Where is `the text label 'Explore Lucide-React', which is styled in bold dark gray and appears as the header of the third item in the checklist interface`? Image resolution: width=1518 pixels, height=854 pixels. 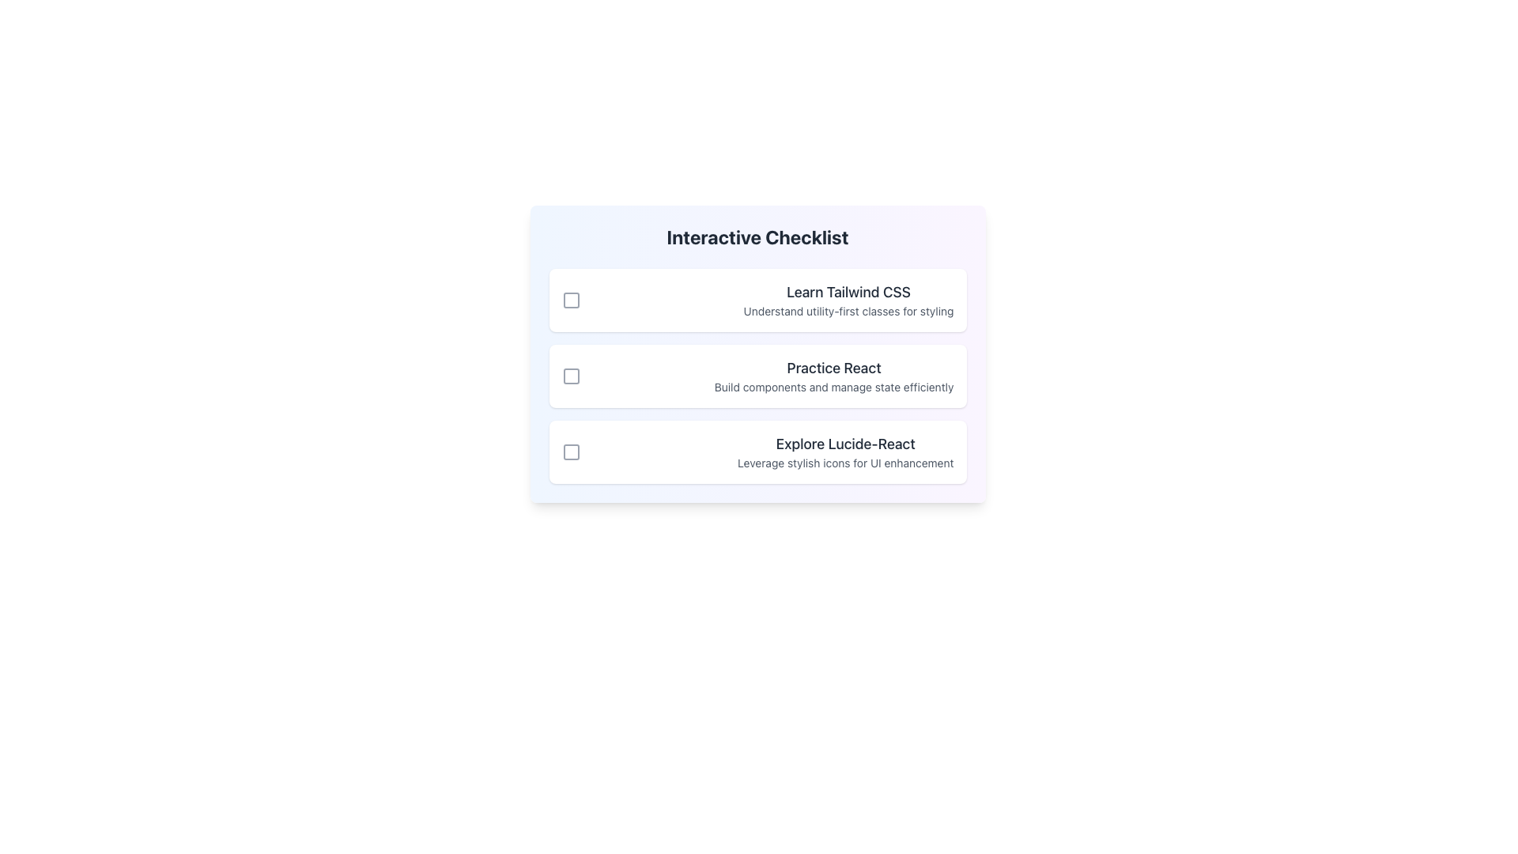 the text label 'Explore Lucide-React', which is styled in bold dark gray and appears as the header of the third item in the checklist interface is located at coordinates (844, 444).